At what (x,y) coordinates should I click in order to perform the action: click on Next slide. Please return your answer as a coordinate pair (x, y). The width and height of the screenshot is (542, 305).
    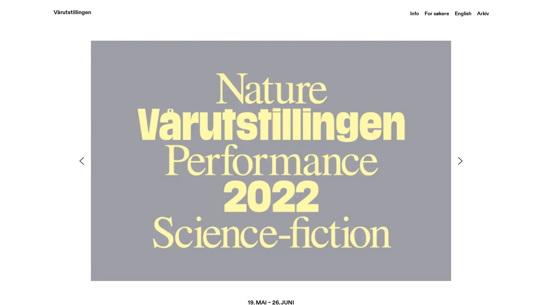
    Looking at the image, I should click on (460, 161).